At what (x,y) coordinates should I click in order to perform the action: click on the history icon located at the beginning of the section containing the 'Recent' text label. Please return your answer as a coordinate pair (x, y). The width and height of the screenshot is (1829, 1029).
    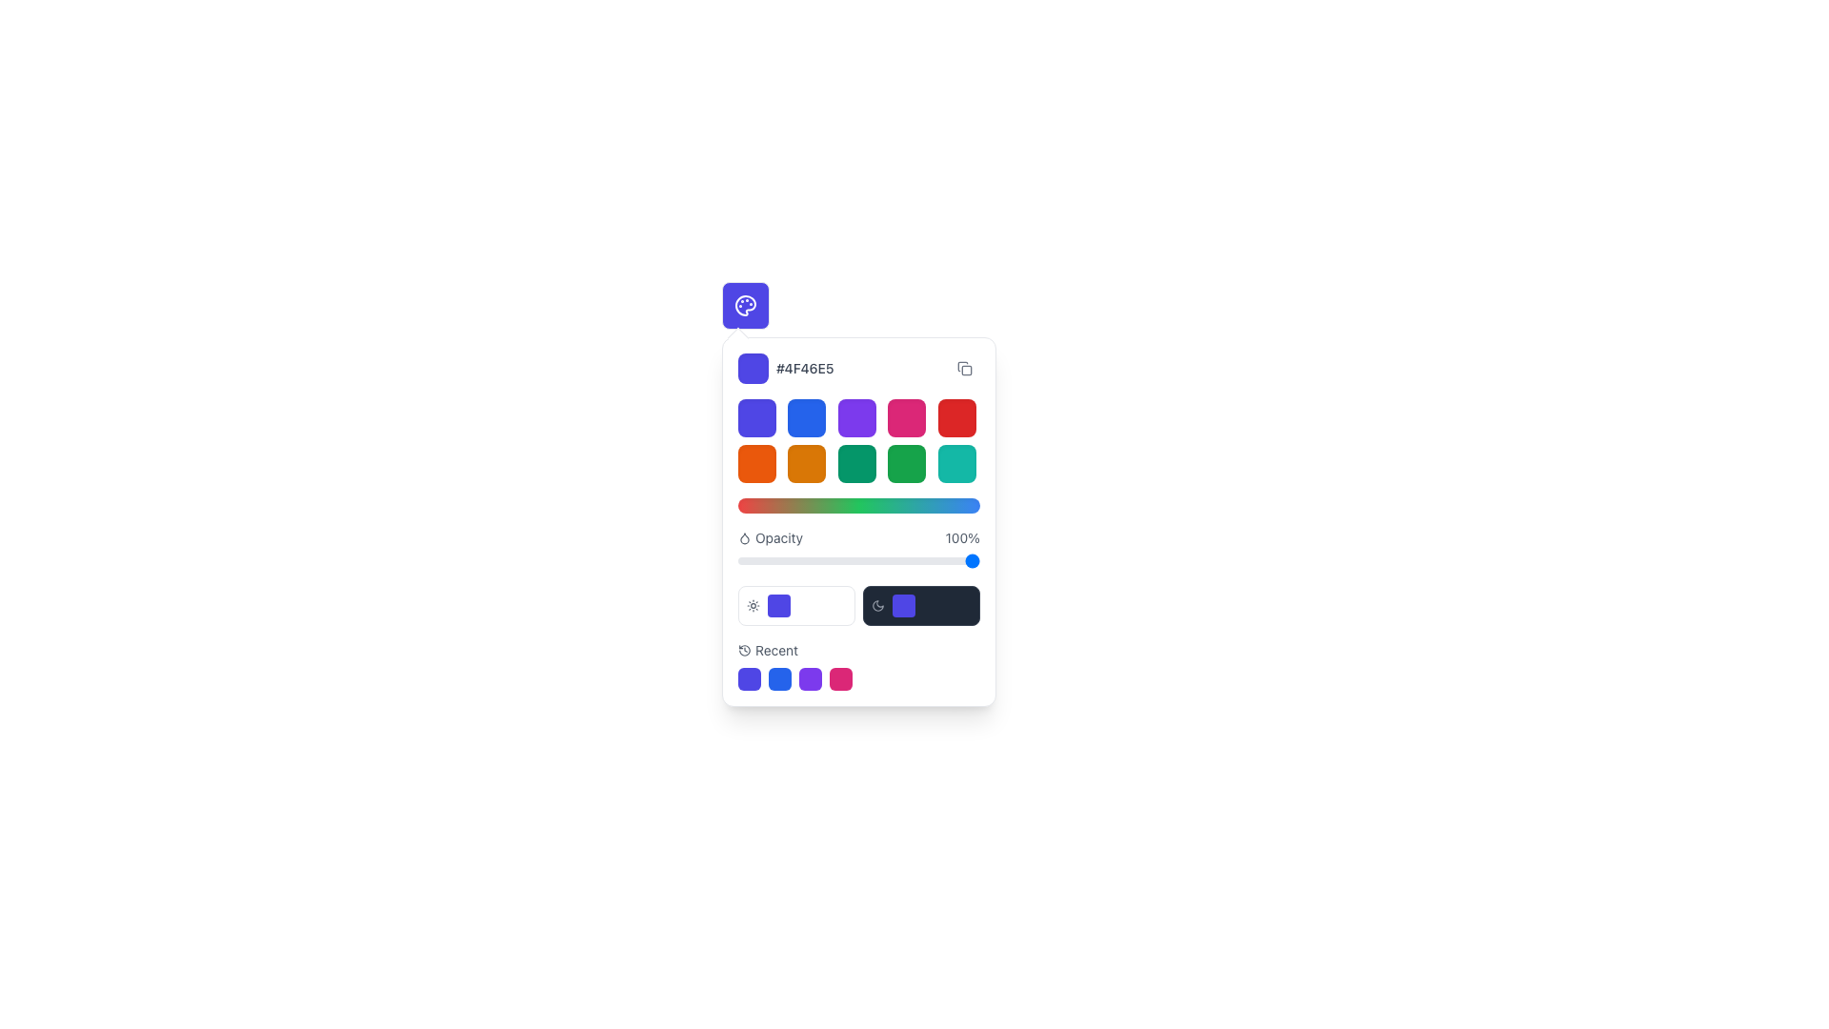
    Looking at the image, I should click on (744, 649).